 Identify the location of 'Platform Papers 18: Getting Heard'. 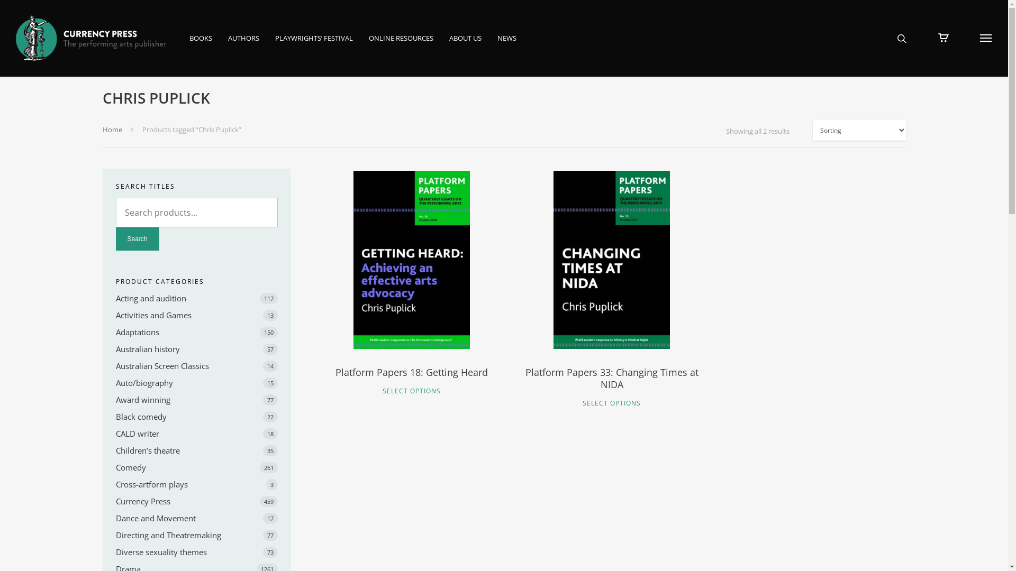
(411, 378).